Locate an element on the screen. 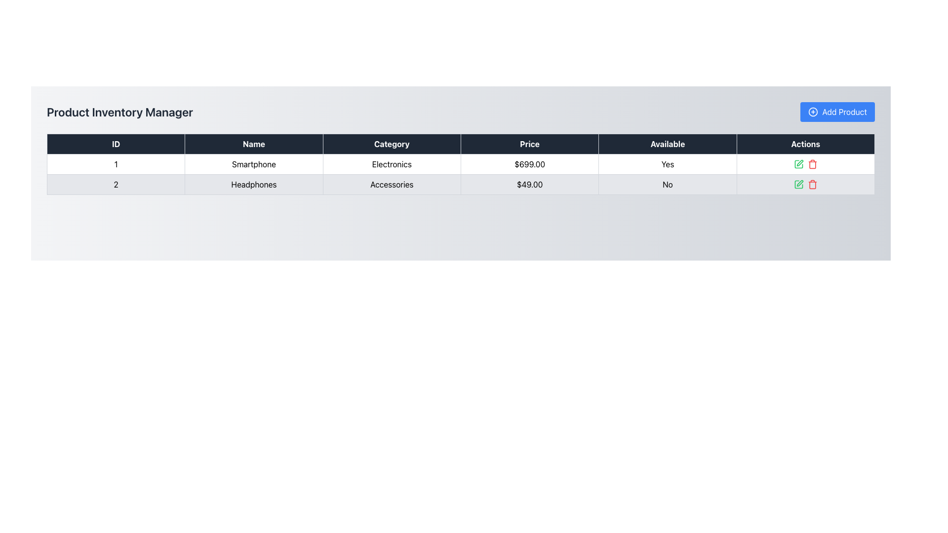 This screenshot has width=948, height=533. the first cell of the first row in the table under the 'ID' column is located at coordinates (116, 163).